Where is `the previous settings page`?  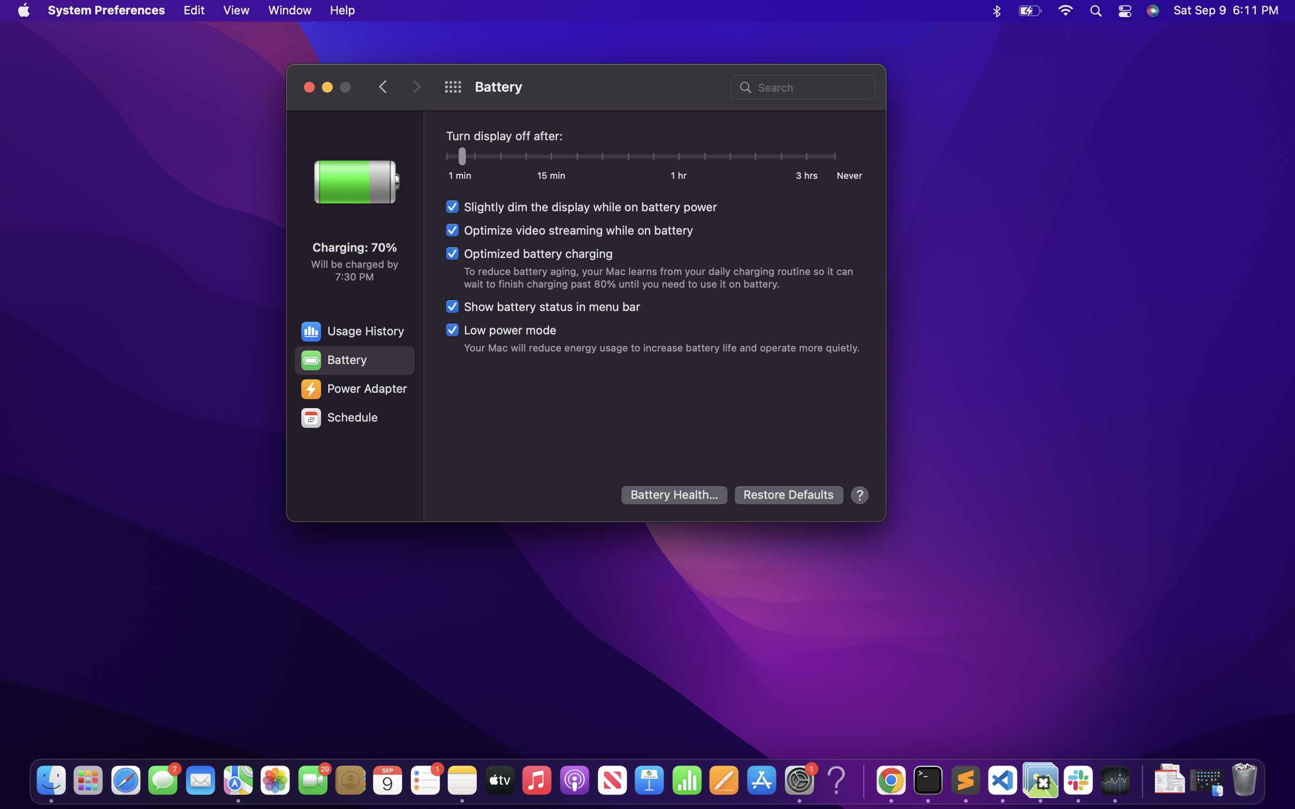
the previous settings page is located at coordinates (384, 86).